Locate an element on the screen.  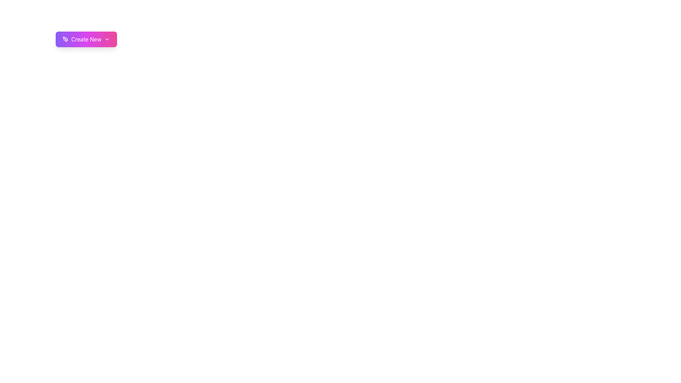
the pen tool icon located to the immediate left of the 'Create New' text is located at coordinates (66, 39).